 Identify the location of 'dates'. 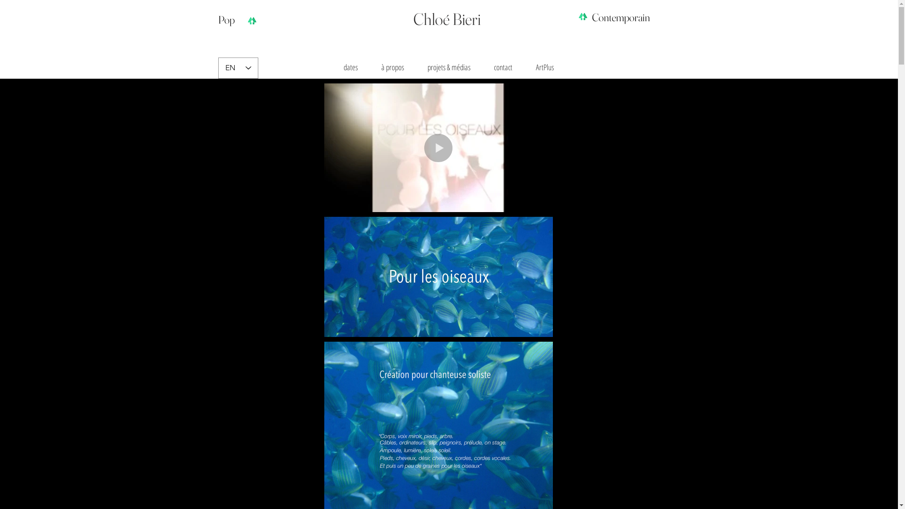
(350, 66).